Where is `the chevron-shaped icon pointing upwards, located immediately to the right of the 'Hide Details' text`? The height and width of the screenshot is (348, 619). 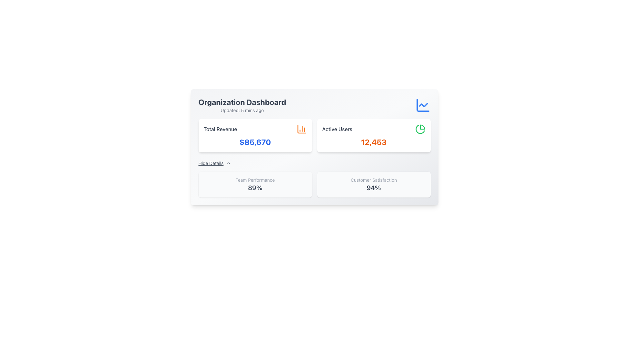
the chevron-shaped icon pointing upwards, located immediately to the right of the 'Hide Details' text is located at coordinates (229, 163).